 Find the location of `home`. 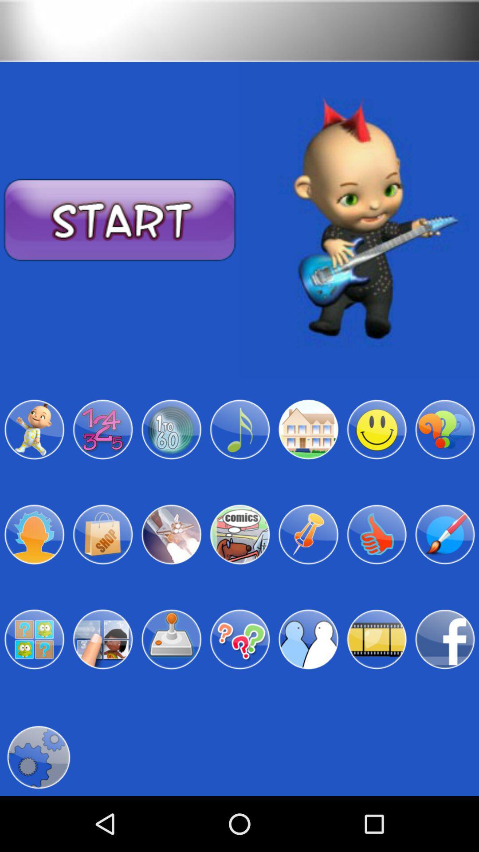

home is located at coordinates (308, 430).